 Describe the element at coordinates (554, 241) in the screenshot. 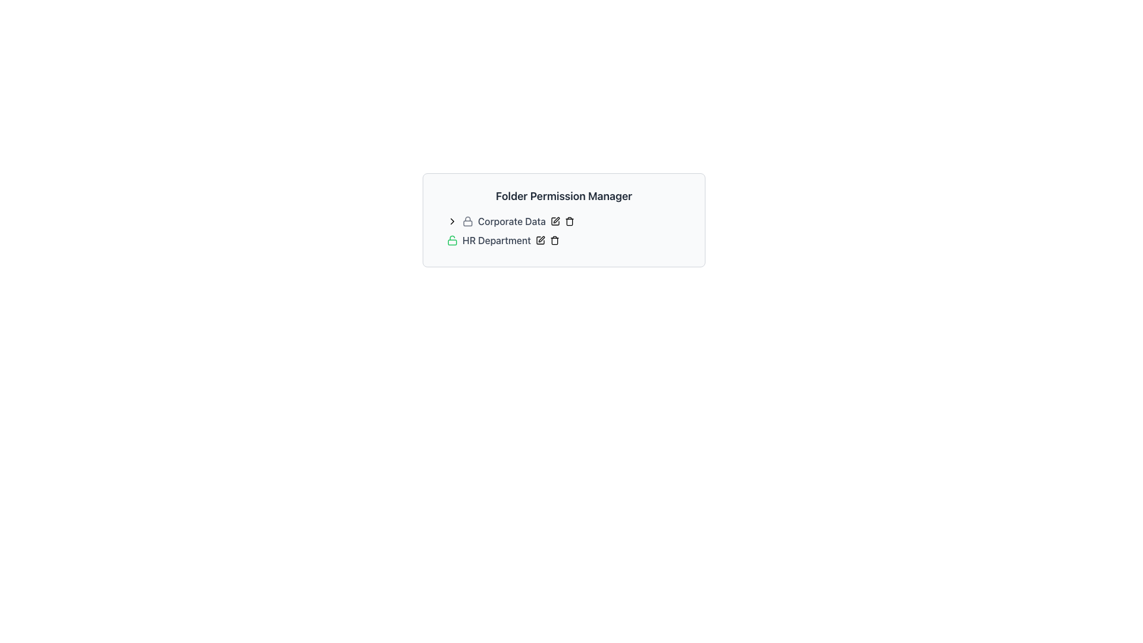

I see `the trash can icon for deleting actions located in the 'Folder Permission Manager' card, specifically the second icon from the right in the action icons group aligned to the right of the 'HR Department' row` at that location.